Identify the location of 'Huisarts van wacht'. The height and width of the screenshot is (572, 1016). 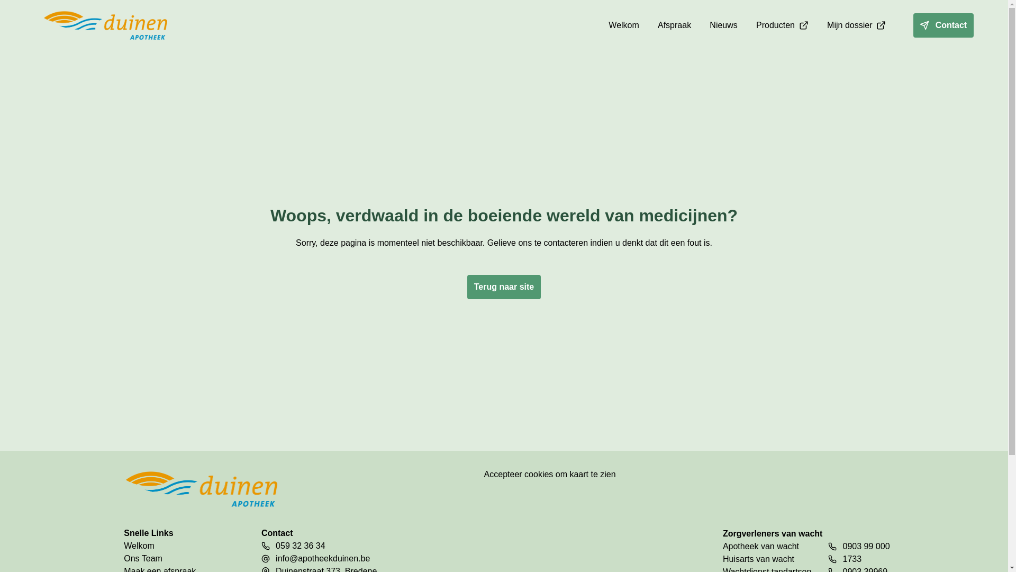
(722, 559).